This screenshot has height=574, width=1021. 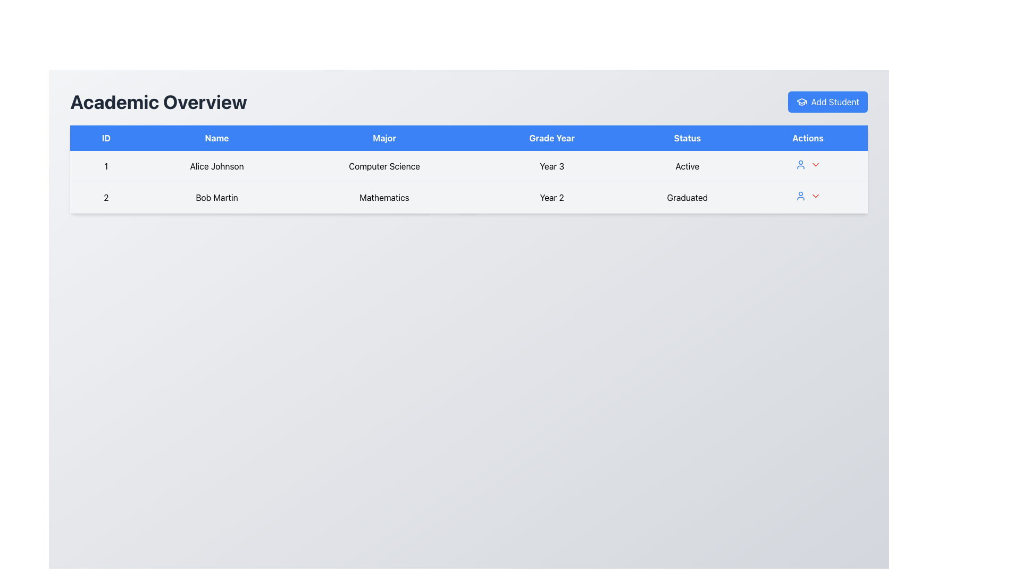 What do you see at coordinates (552, 166) in the screenshot?
I see `the static text display that shows 'Year 3' in bold, located in the fourth column of the first row of the table` at bounding box center [552, 166].